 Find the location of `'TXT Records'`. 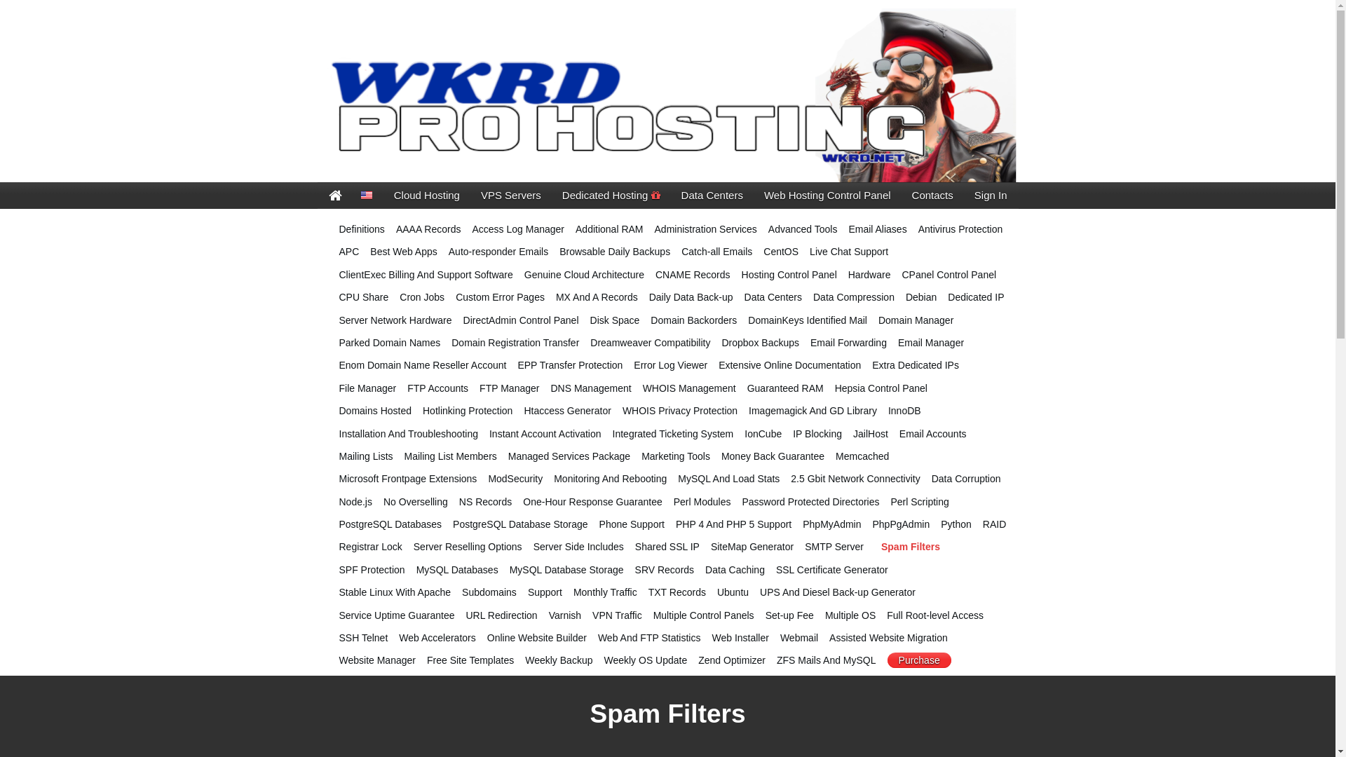

'TXT Records' is located at coordinates (677, 592).